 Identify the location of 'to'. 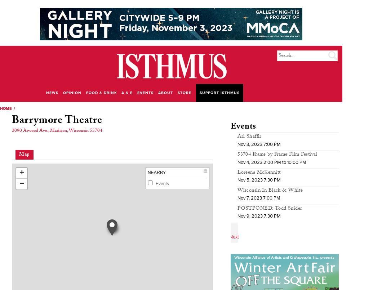
(284, 161).